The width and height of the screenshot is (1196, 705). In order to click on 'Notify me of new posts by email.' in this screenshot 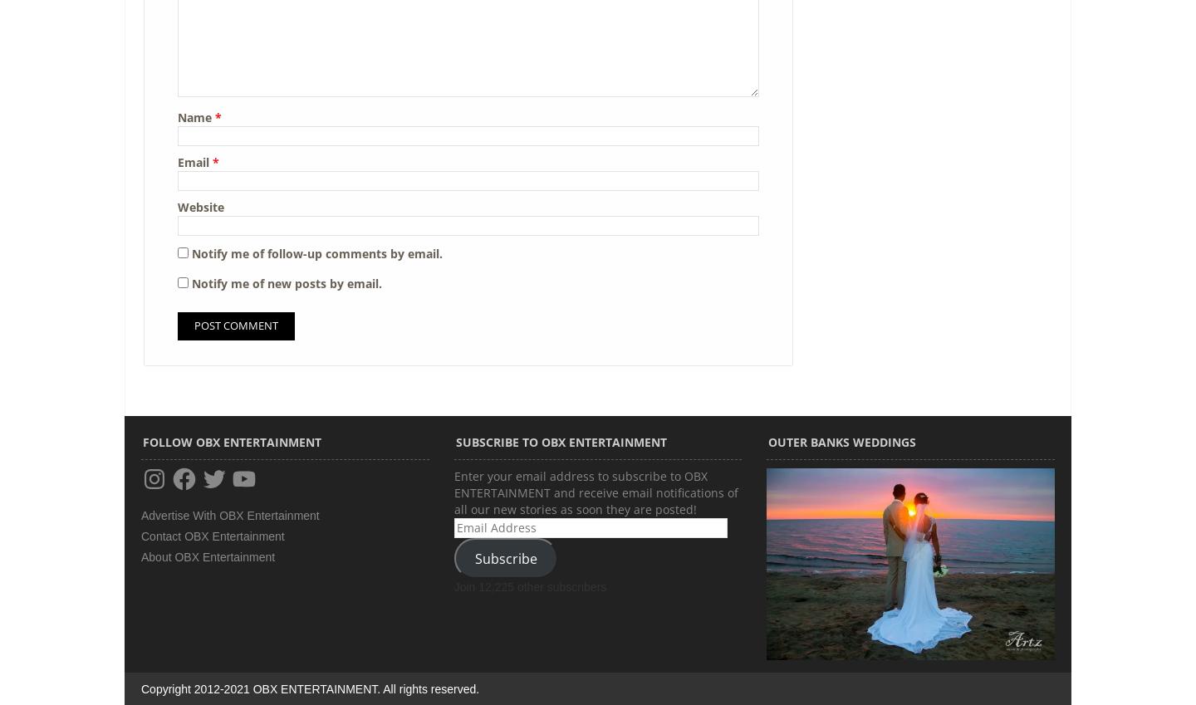, I will do `click(287, 283)`.